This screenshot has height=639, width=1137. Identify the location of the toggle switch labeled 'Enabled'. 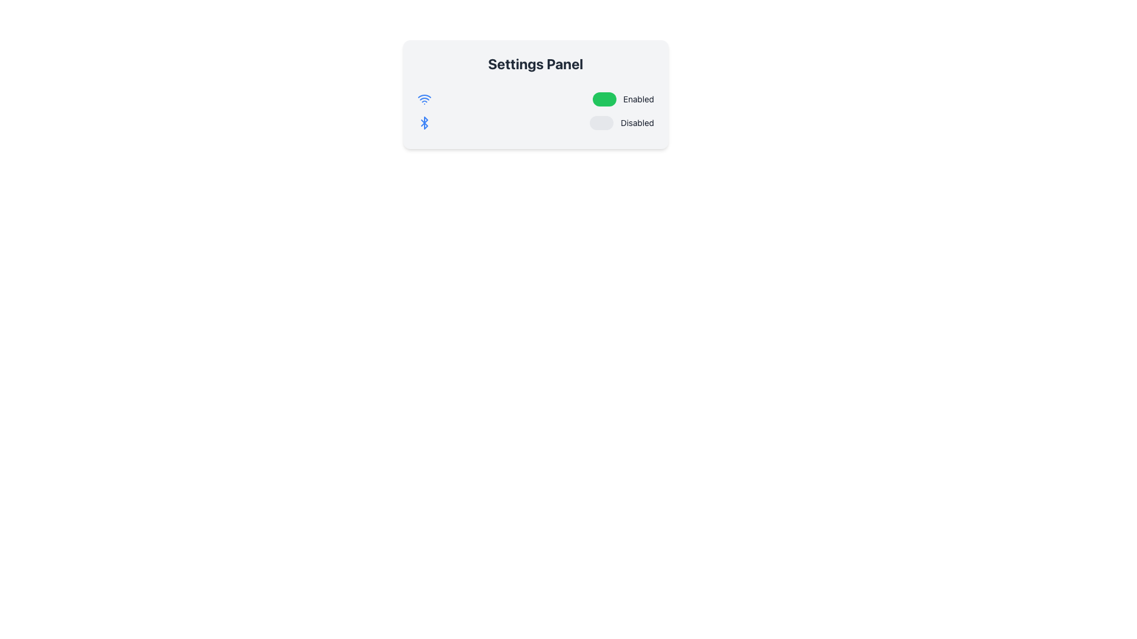
(622, 99).